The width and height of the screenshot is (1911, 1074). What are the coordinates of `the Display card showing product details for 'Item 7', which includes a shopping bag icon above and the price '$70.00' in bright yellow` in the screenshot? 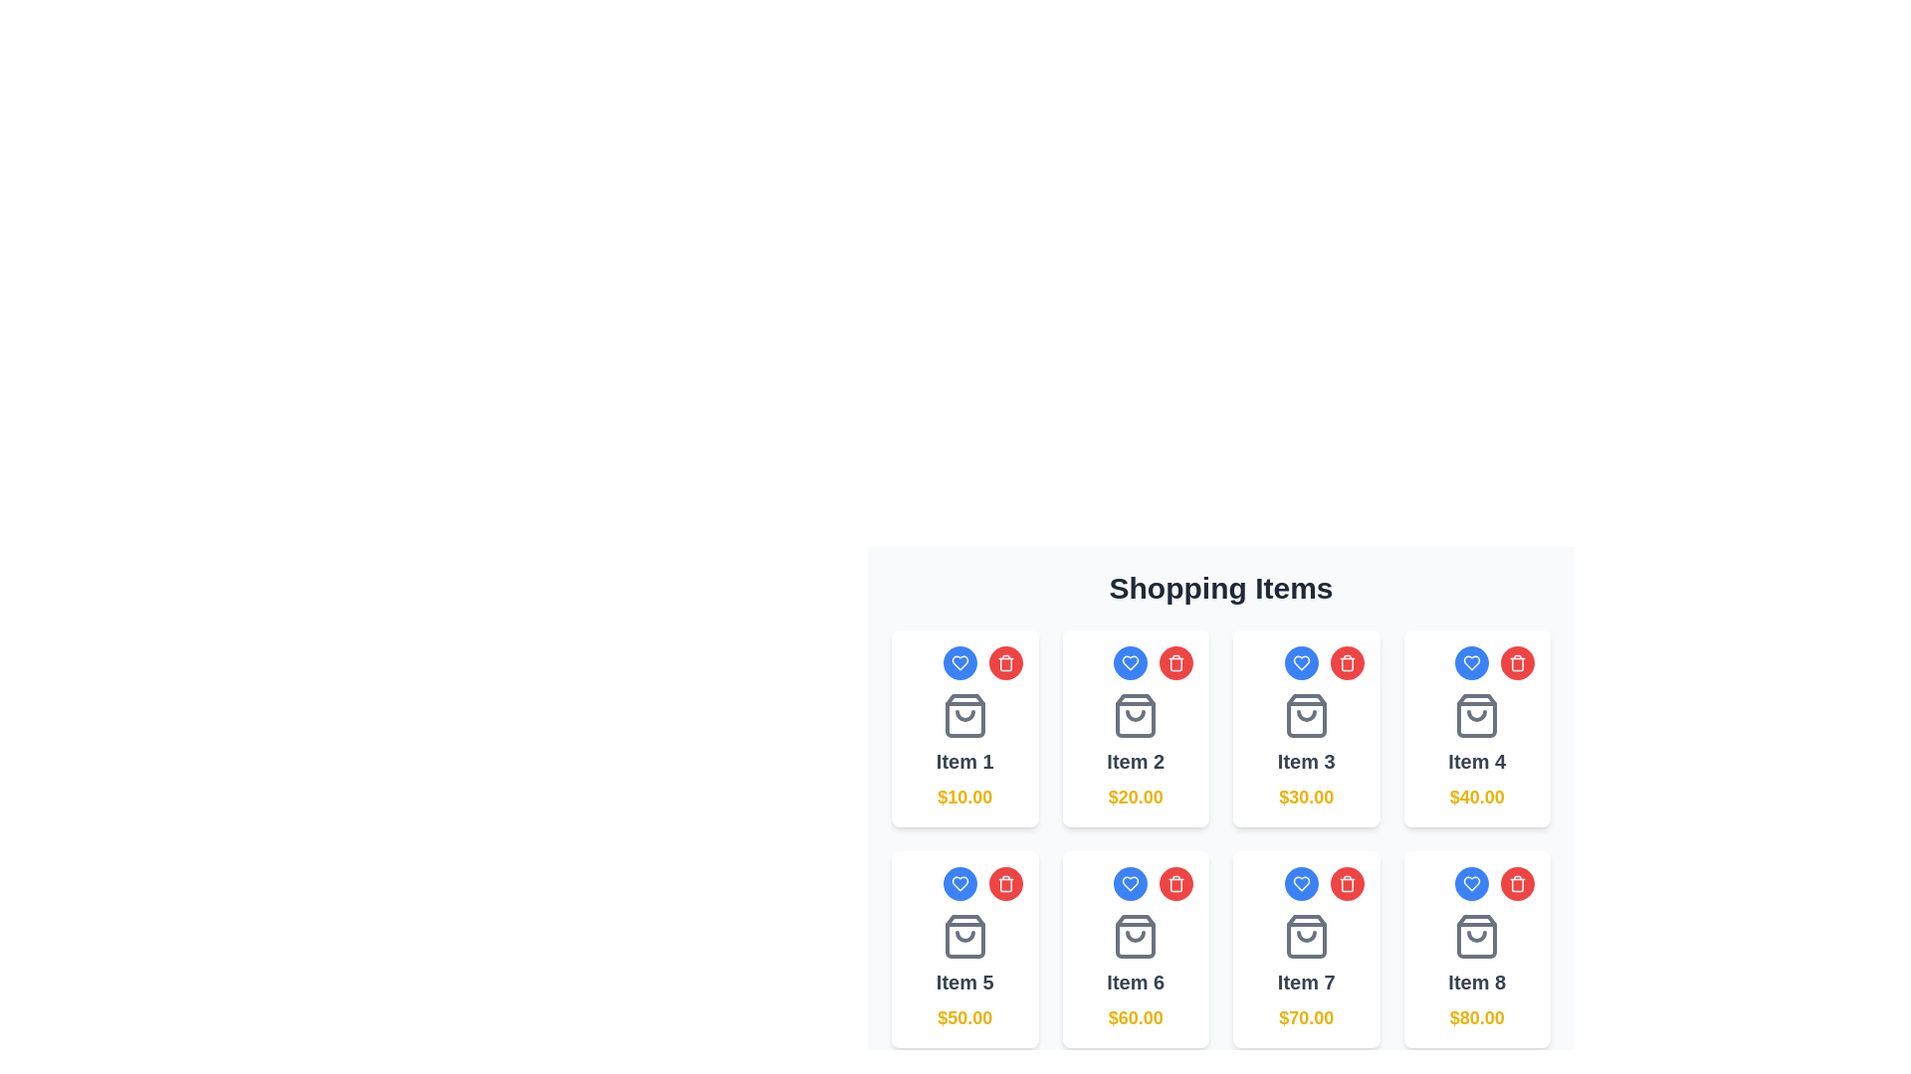 It's located at (1306, 972).